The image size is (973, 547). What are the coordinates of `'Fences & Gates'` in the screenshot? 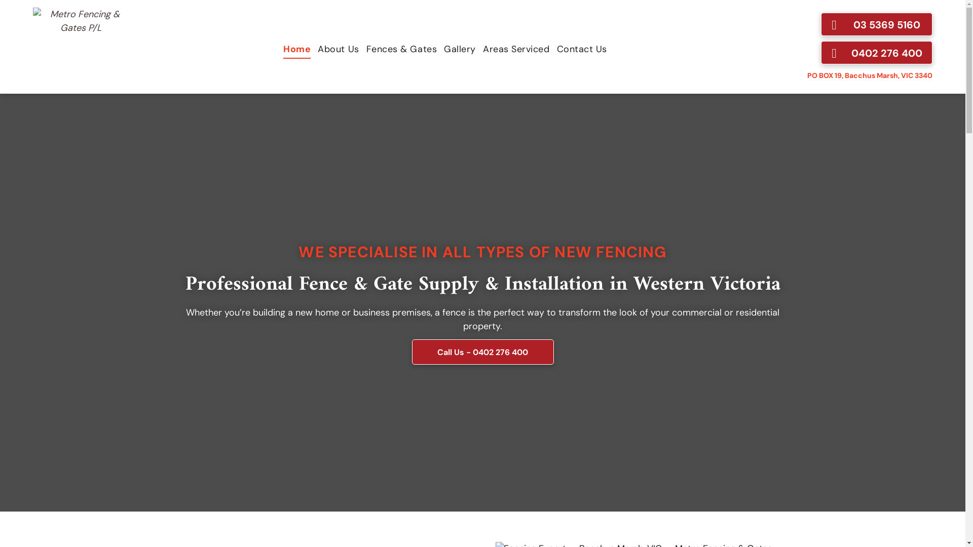 It's located at (401, 49).